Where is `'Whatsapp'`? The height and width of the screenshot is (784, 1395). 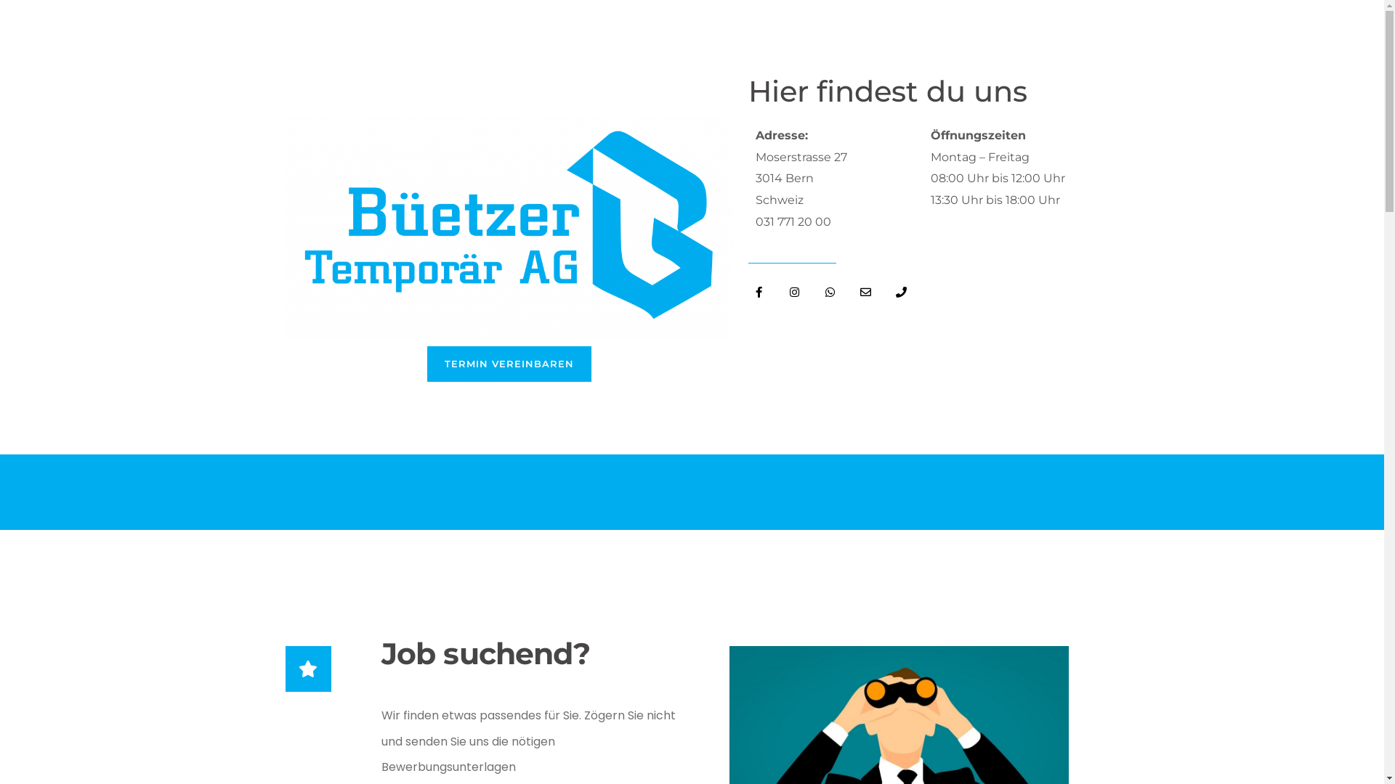 'Whatsapp' is located at coordinates (820, 292).